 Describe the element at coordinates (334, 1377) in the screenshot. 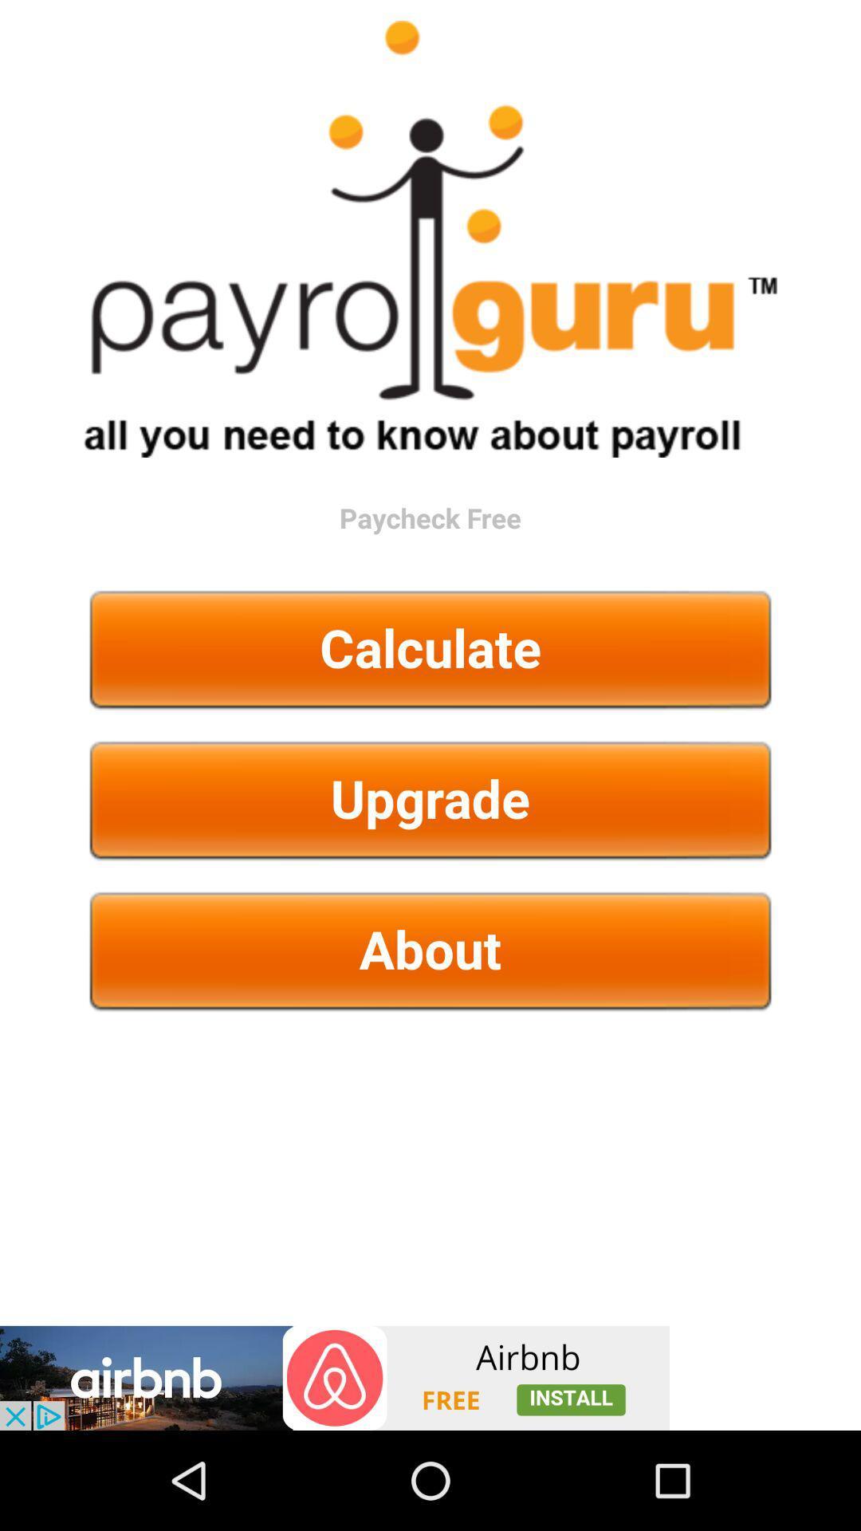

I see `click advertisement to go to advertisement page` at that location.